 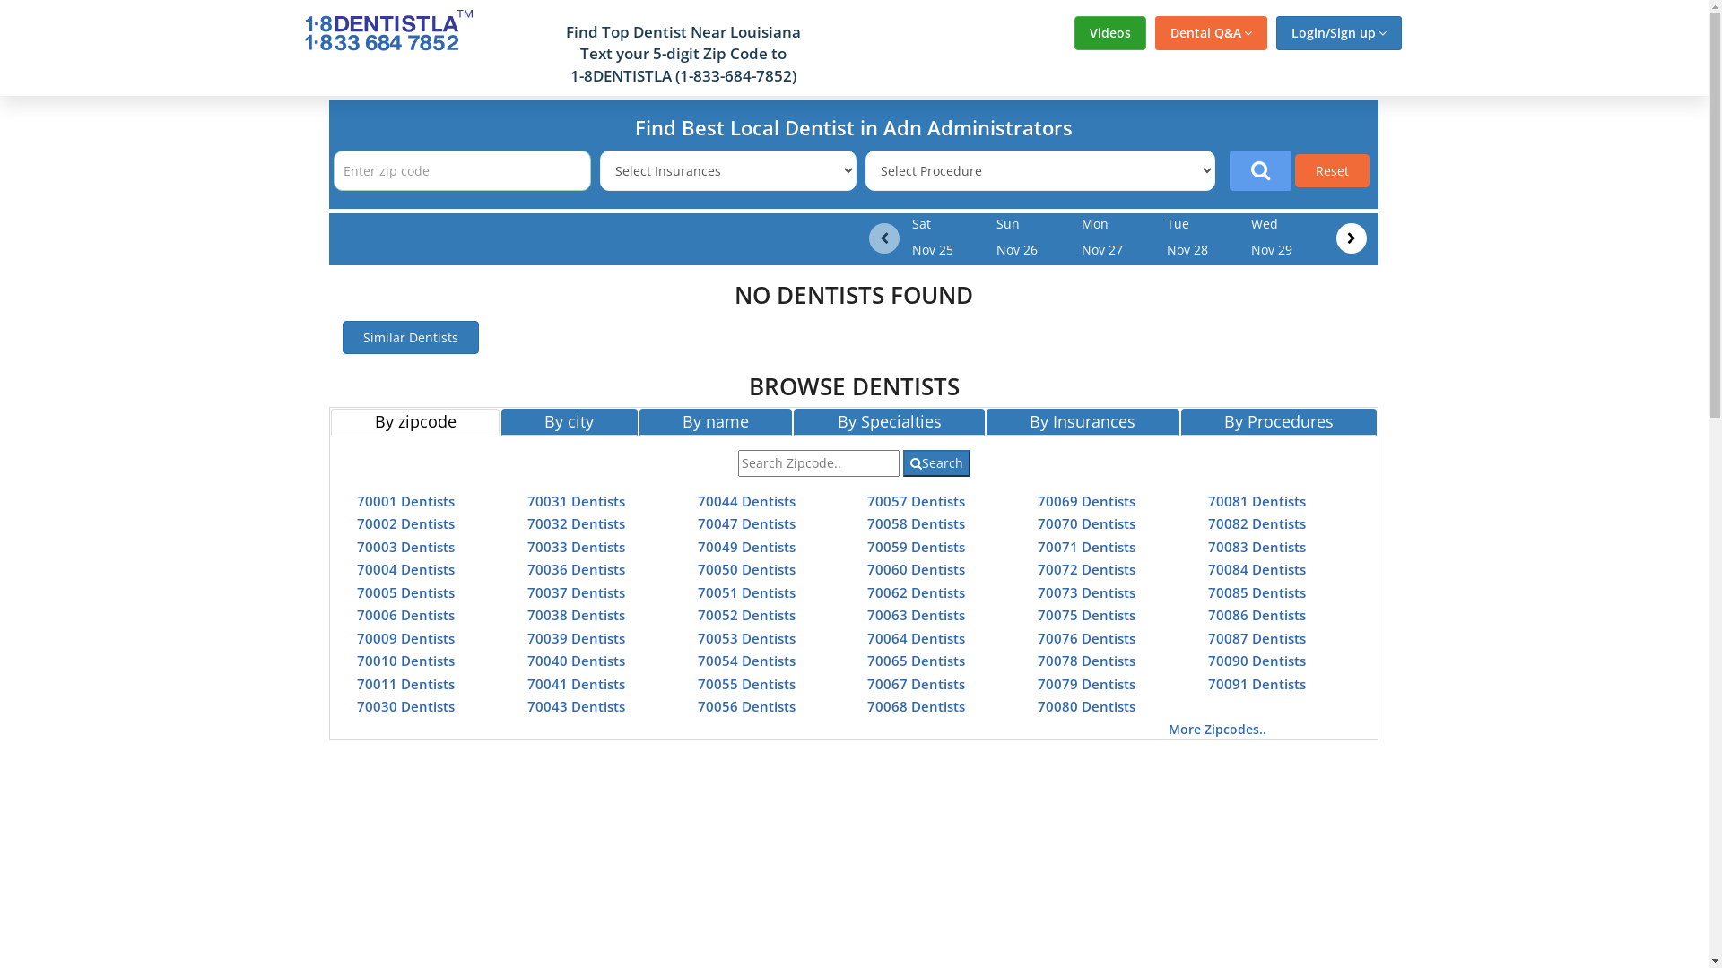 I want to click on '70010 Dentists', so click(x=357, y=660).